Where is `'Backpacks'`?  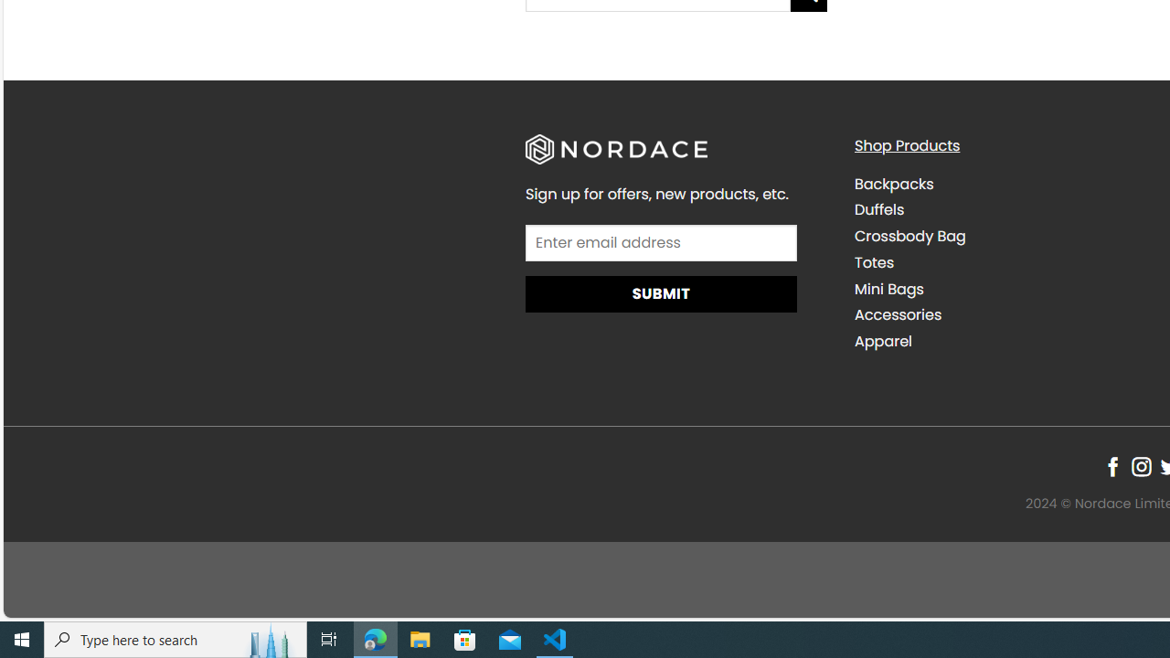
'Backpacks' is located at coordinates (893, 183).